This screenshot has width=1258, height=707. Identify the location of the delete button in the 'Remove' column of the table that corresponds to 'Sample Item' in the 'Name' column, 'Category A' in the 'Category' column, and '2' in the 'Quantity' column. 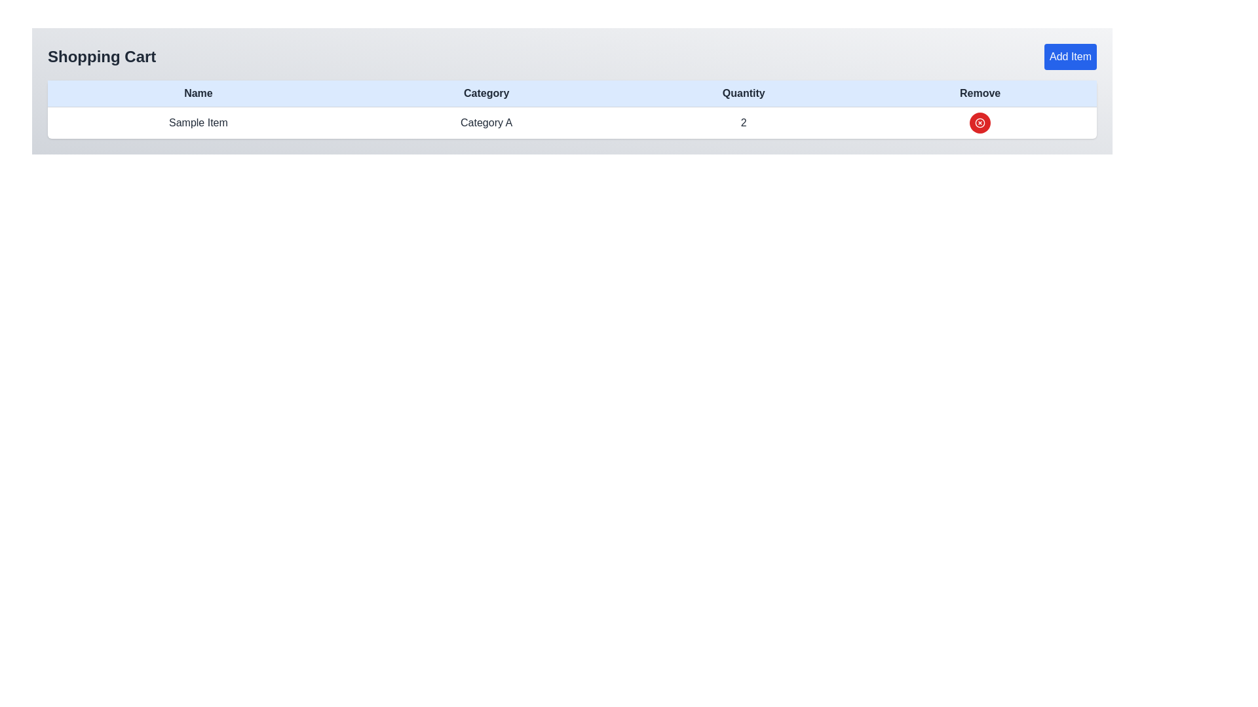
(980, 122).